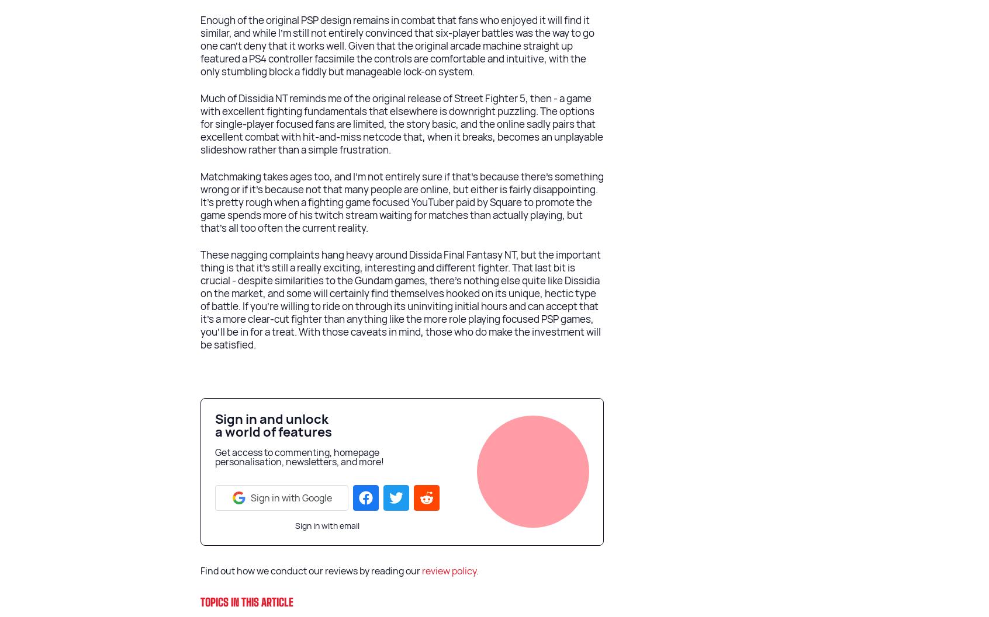 The image size is (989, 617). Describe the element at coordinates (448, 571) in the screenshot. I see `'review policy'` at that location.